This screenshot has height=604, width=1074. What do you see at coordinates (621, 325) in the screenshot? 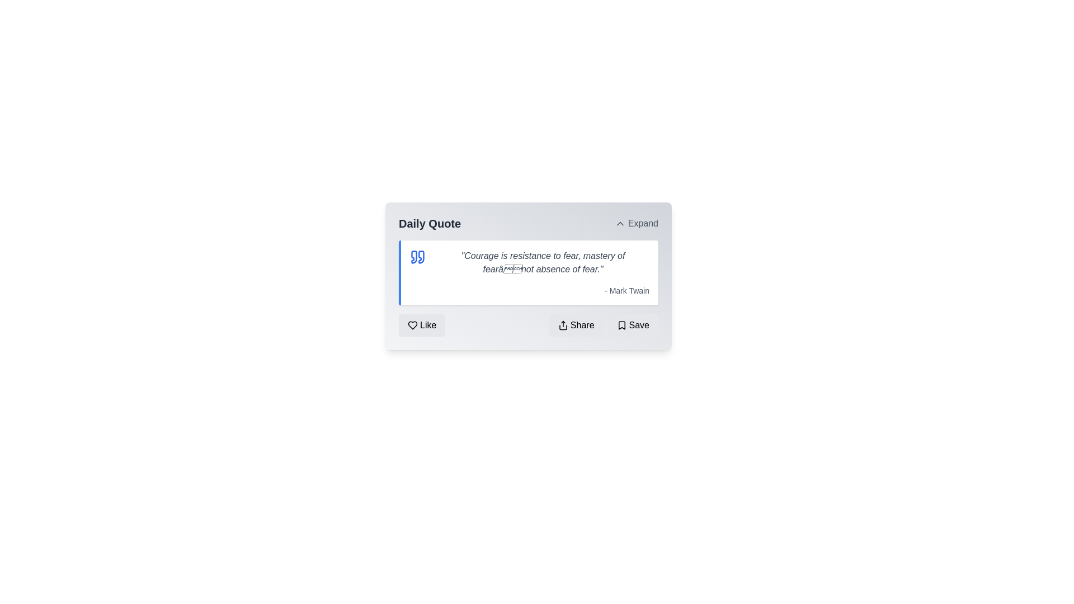
I see `the bookmark icon located to the left of the 'Save' text within the rectangular button at the bottom-right corner of the displayed quote card` at bounding box center [621, 325].